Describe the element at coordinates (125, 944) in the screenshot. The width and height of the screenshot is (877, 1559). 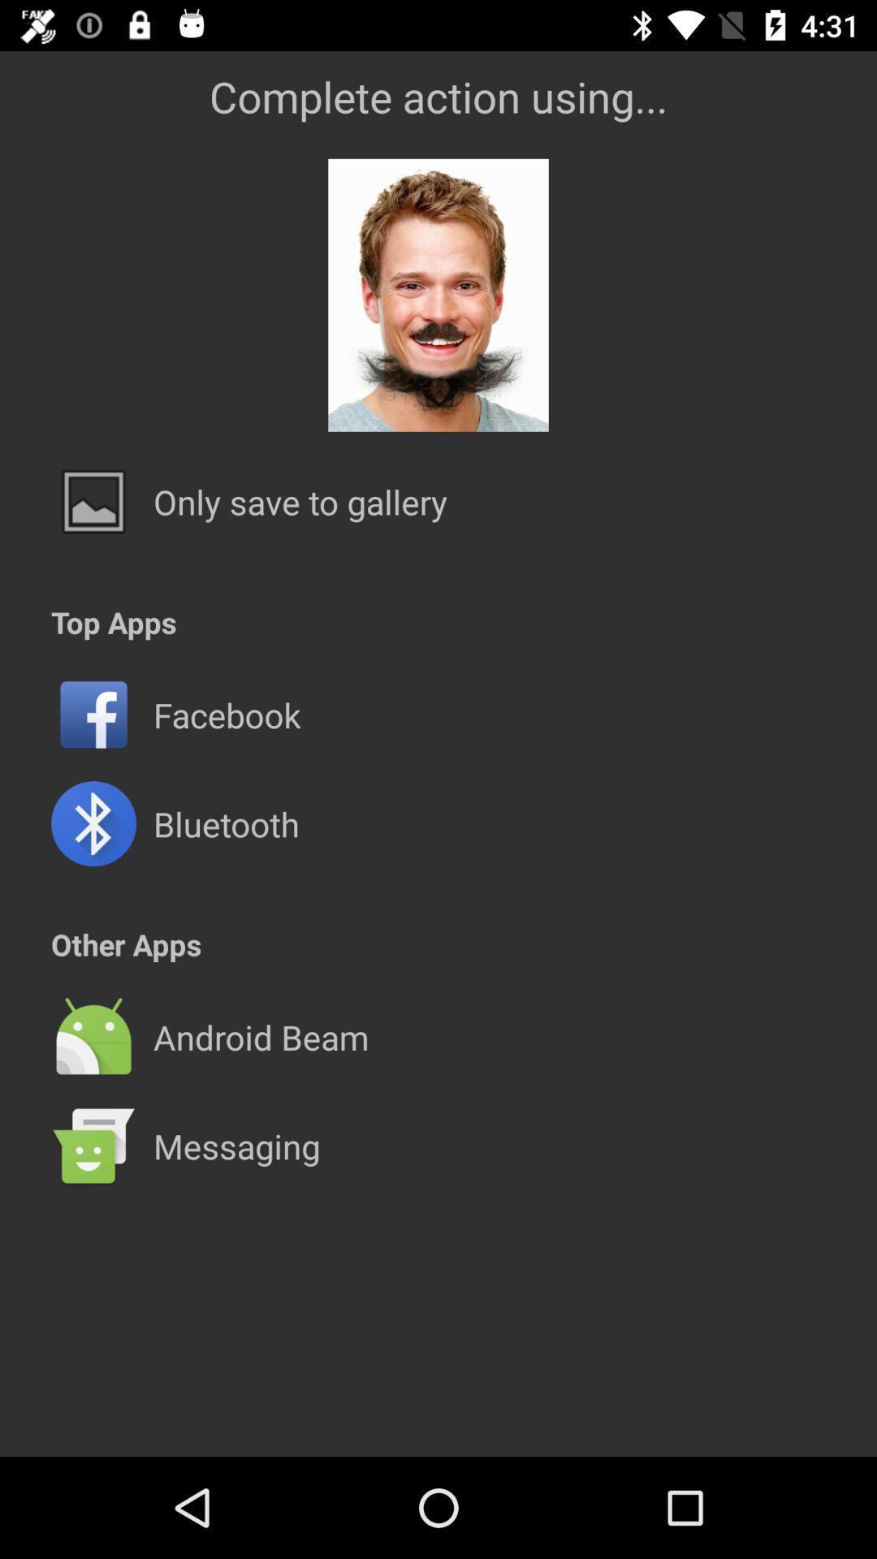
I see `the other apps` at that location.